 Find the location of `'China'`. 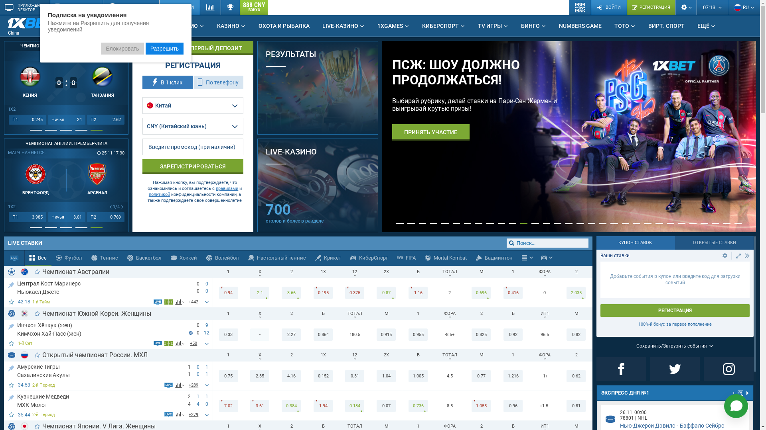

'China' is located at coordinates (38, 25).